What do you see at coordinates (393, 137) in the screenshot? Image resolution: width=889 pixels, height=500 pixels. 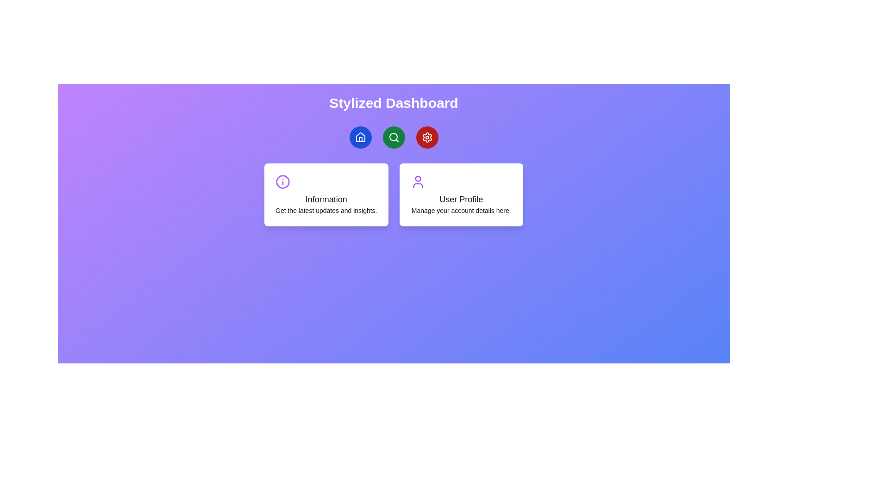 I see `the SVG circle graphical item representing the lens of the magnifying glass in the search icon, which is the second navigation icon from the left below the title 'Stylized Dashboard'` at bounding box center [393, 137].